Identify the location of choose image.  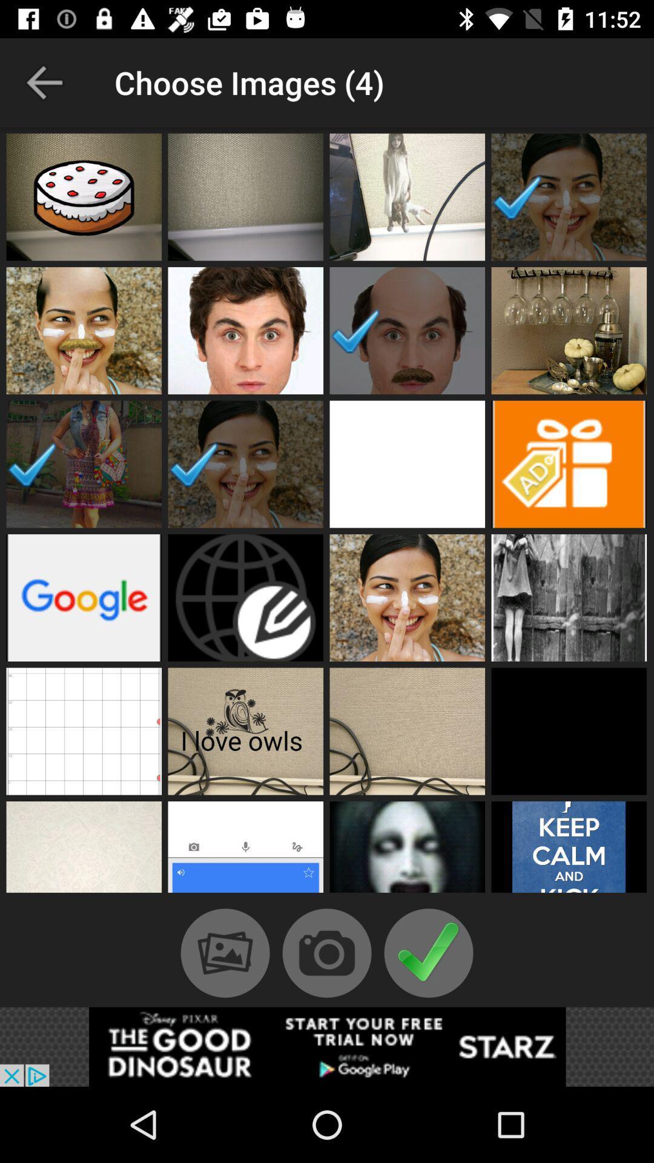
(407, 731).